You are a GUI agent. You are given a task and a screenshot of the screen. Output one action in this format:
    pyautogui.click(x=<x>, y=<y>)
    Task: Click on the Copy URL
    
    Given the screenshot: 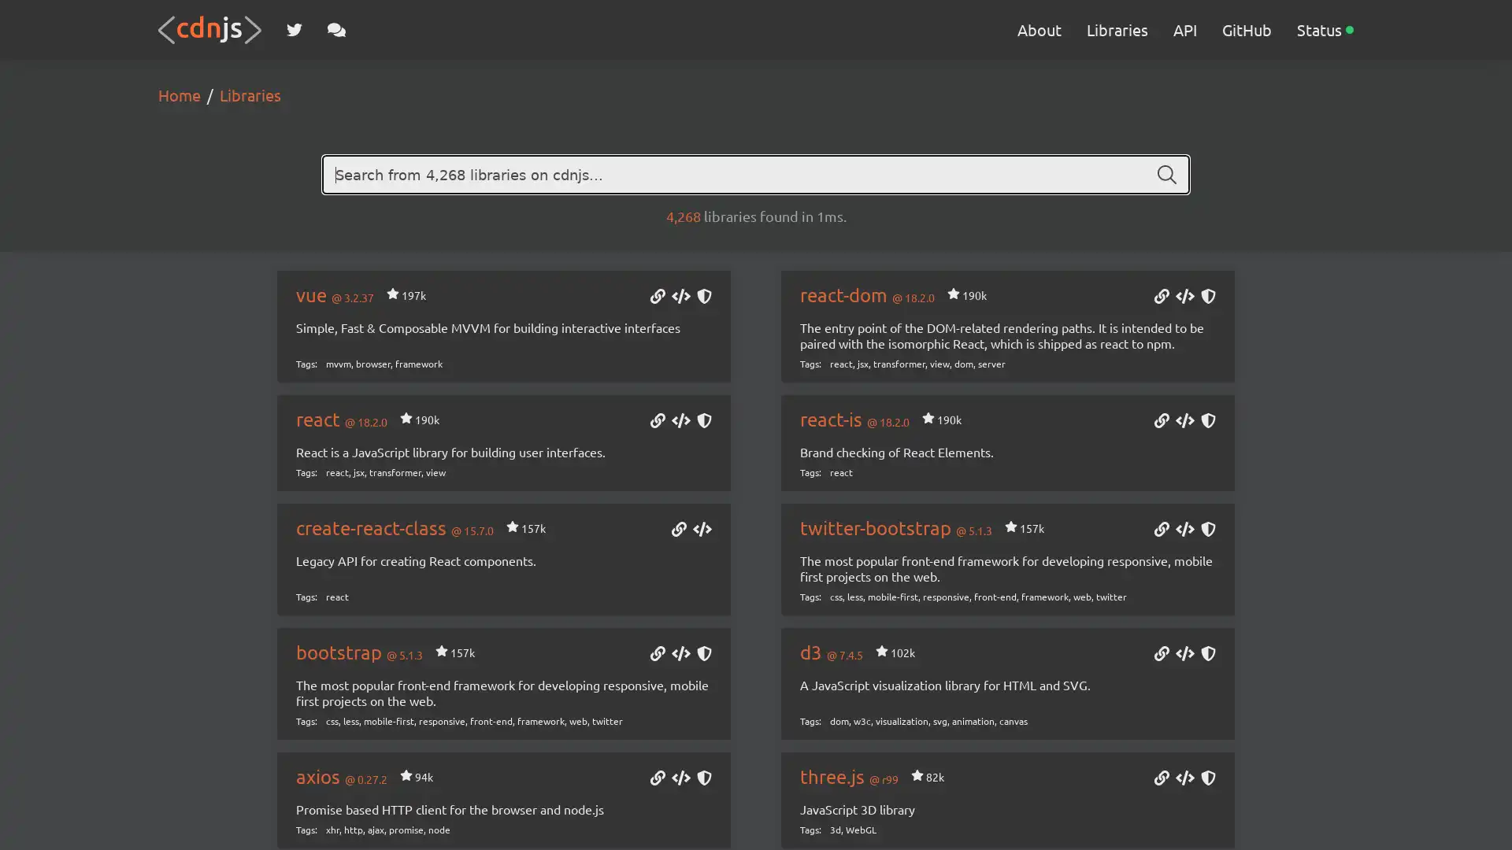 What is the action you would take?
    pyautogui.click(x=1161, y=779)
    